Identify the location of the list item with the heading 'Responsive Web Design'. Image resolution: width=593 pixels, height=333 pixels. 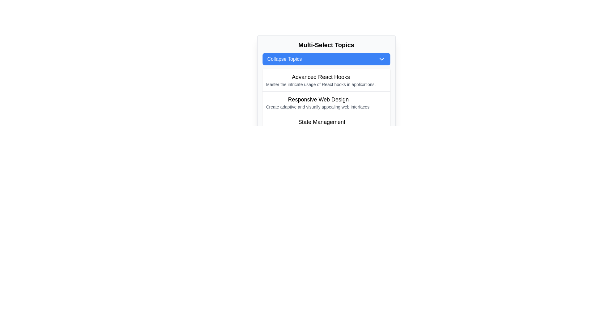
(326, 102).